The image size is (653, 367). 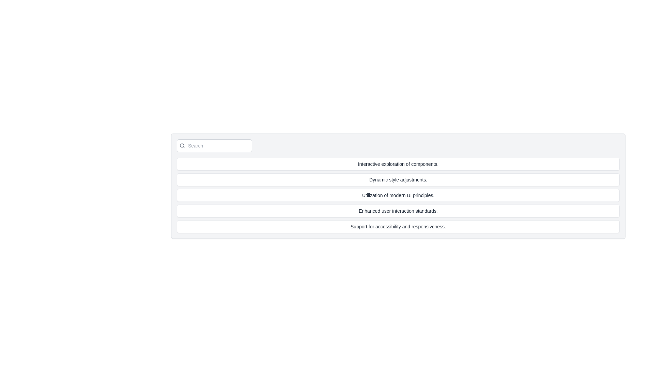 What do you see at coordinates (363, 227) in the screenshot?
I see `the fifth character of the word 'Support' in the sentence 'Support for accessibility and responsiveness.'` at bounding box center [363, 227].